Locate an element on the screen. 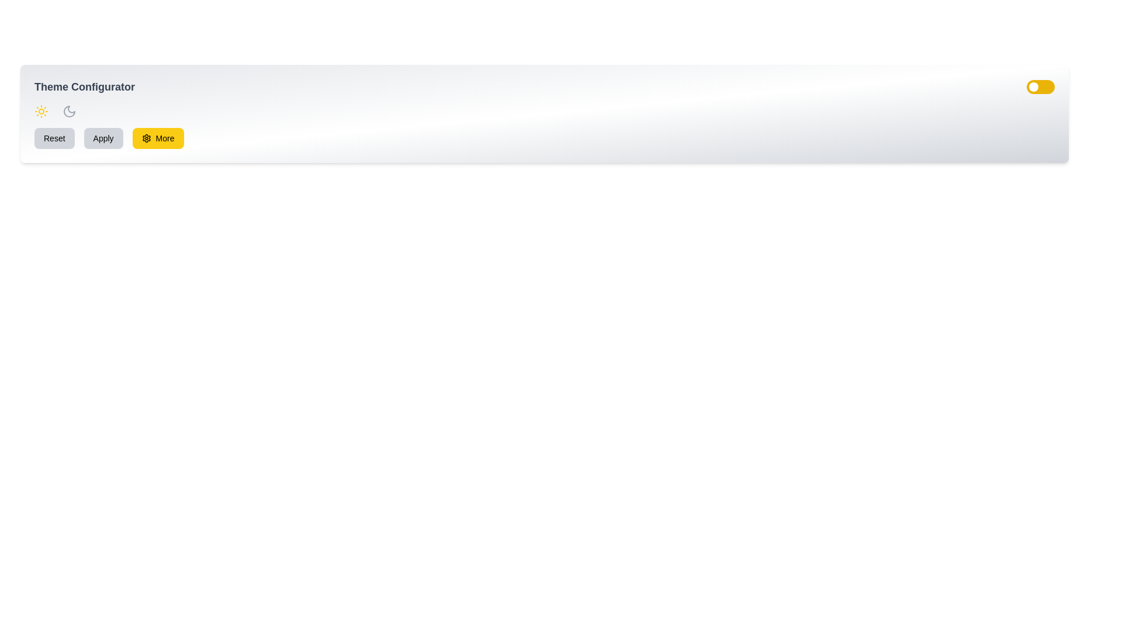 The width and height of the screenshot is (1122, 631). the 'light mode' icon located at the top left of the interface is located at coordinates (41, 112).